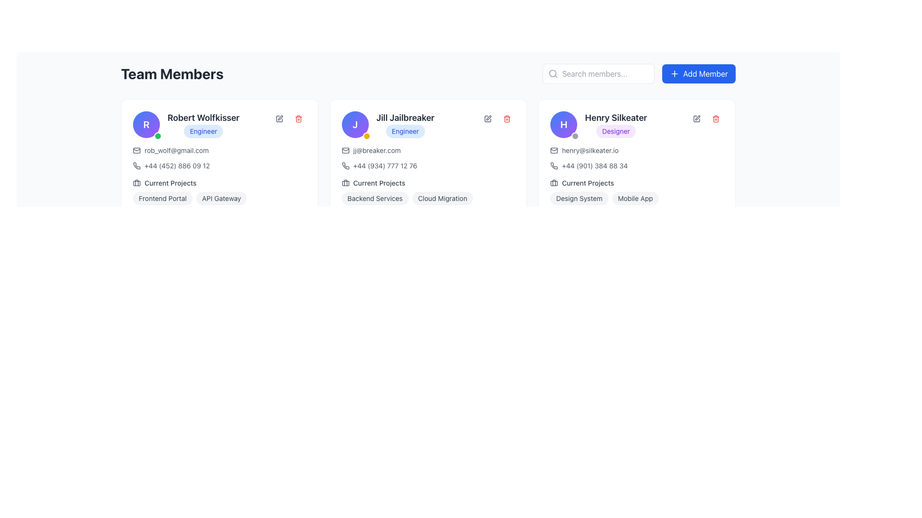  I want to click on the Profile information header for 'Henry Silkeater', so click(637, 124).